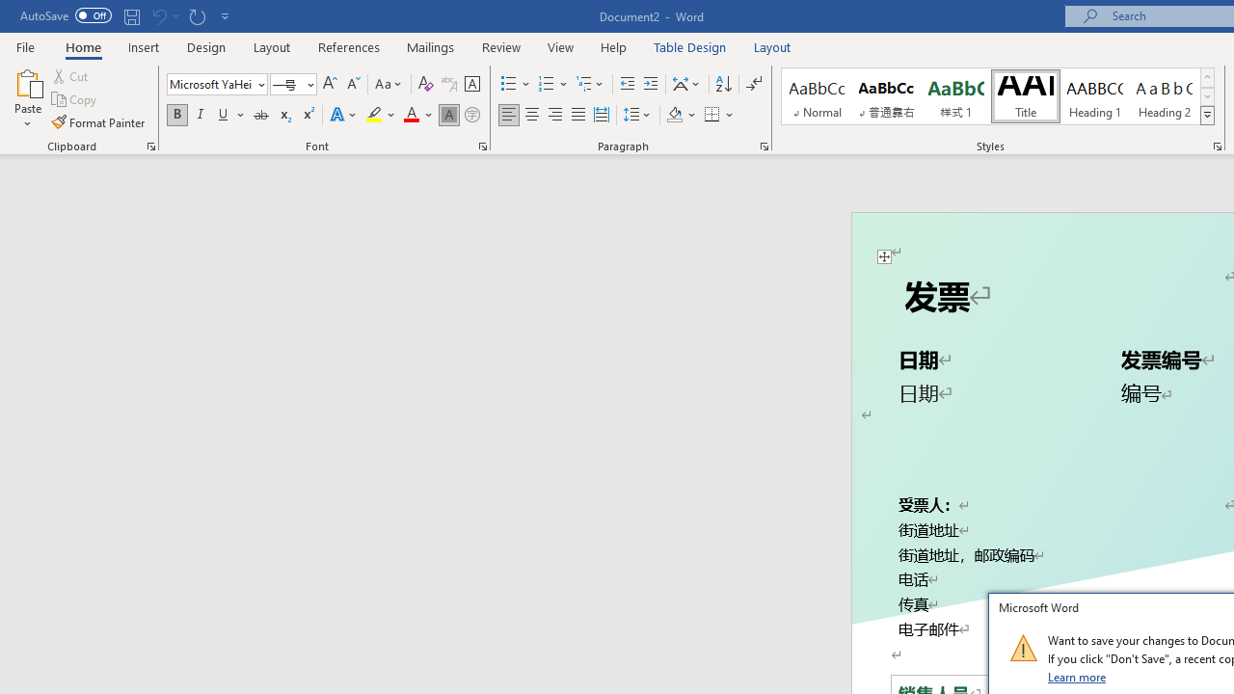 This screenshot has width=1234, height=694. Describe the element at coordinates (1206, 116) in the screenshot. I see `'Styles'` at that location.